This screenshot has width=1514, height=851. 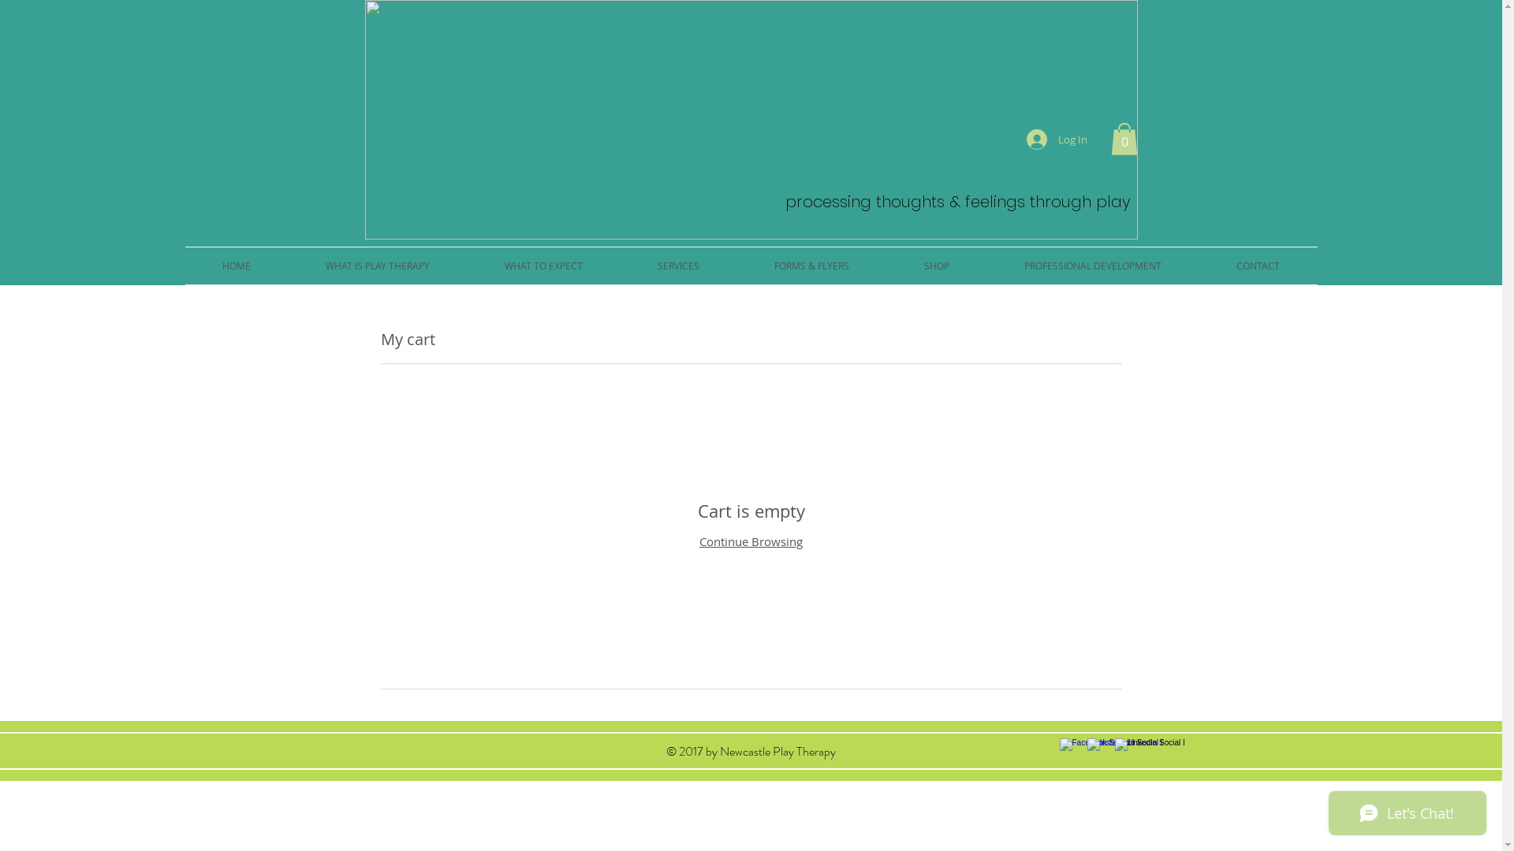 What do you see at coordinates (1123, 138) in the screenshot?
I see `'0'` at bounding box center [1123, 138].